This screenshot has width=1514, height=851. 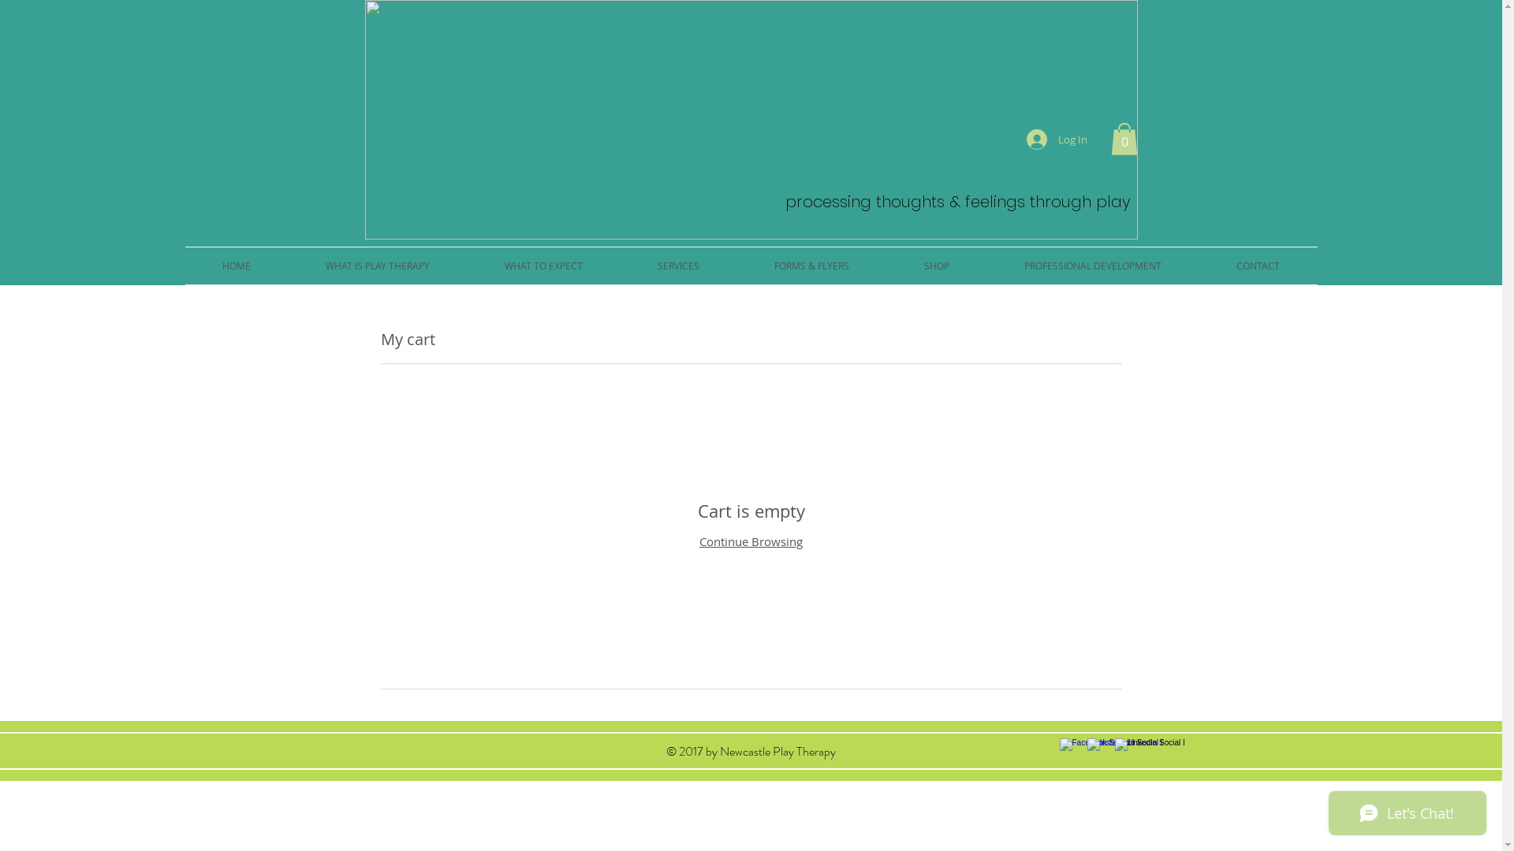 What do you see at coordinates (1123, 138) in the screenshot?
I see `'0'` at bounding box center [1123, 138].